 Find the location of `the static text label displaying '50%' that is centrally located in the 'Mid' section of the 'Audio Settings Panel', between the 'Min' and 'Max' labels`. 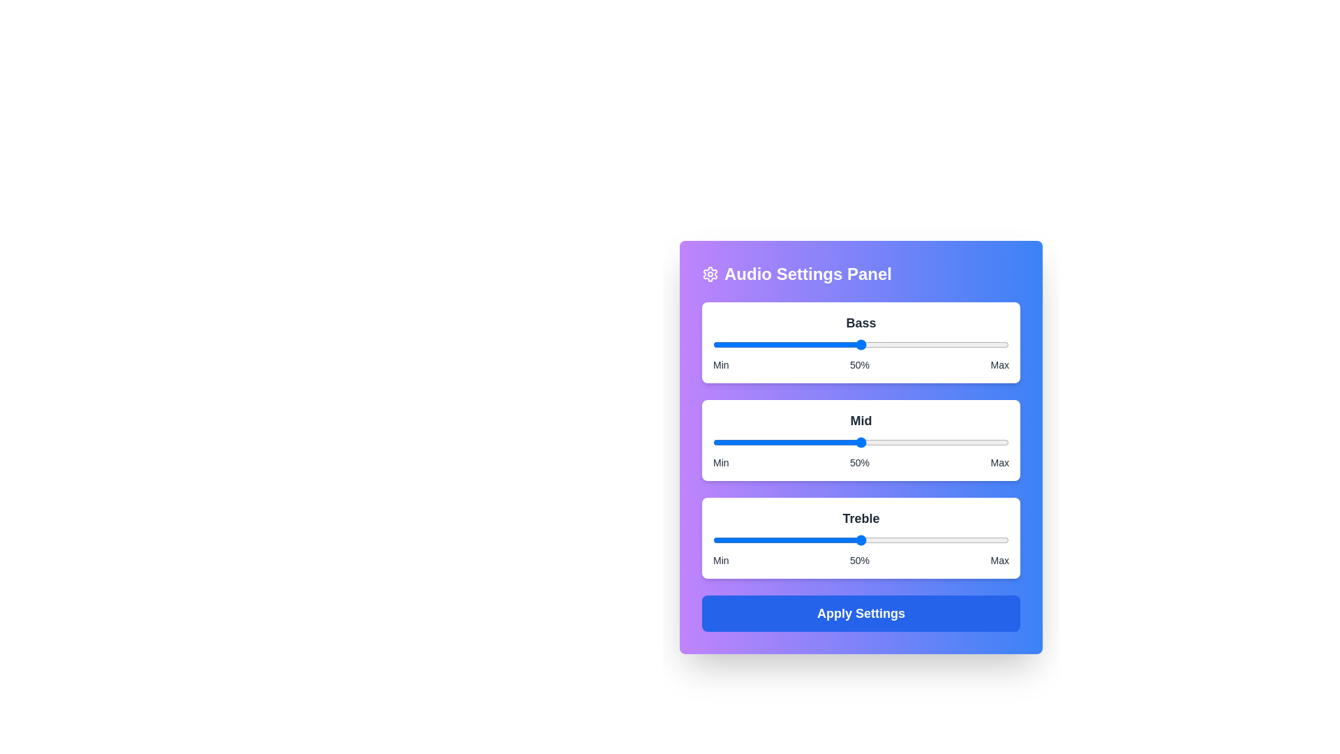

the static text label displaying '50%' that is centrally located in the 'Mid' section of the 'Audio Settings Panel', between the 'Min' and 'Max' labels is located at coordinates (859, 463).